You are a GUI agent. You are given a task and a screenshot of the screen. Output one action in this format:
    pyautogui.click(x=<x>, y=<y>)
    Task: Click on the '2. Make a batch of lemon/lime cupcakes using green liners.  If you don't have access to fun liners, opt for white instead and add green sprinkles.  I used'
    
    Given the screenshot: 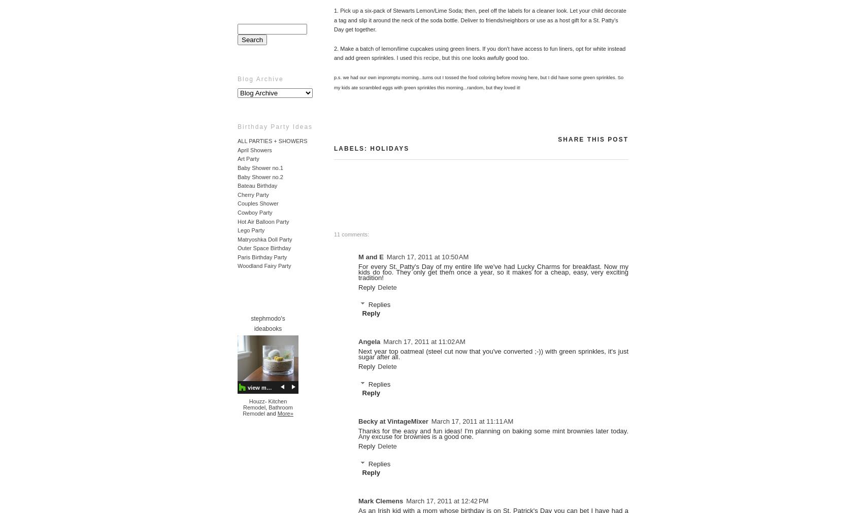 What is the action you would take?
    pyautogui.click(x=479, y=52)
    